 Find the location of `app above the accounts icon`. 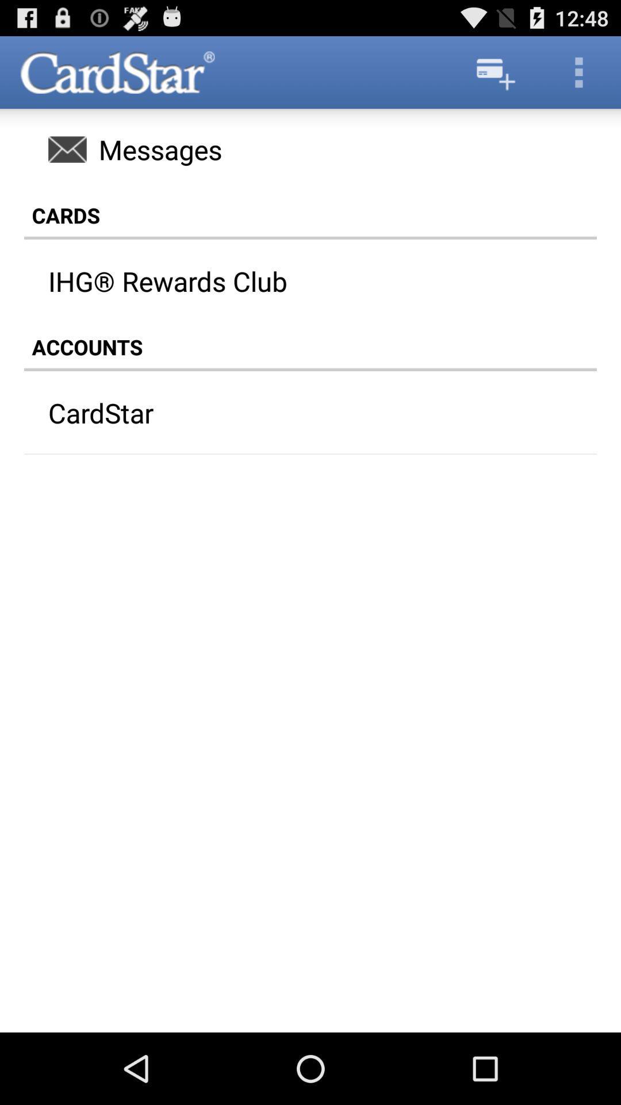

app above the accounts icon is located at coordinates (322, 281).